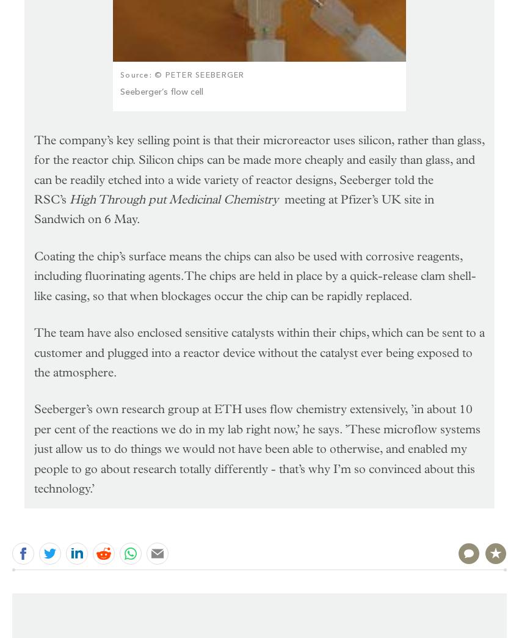  What do you see at coordinates (314, 525) in the screenshot?
I see `'Please'` at bounding box center [314, 525].